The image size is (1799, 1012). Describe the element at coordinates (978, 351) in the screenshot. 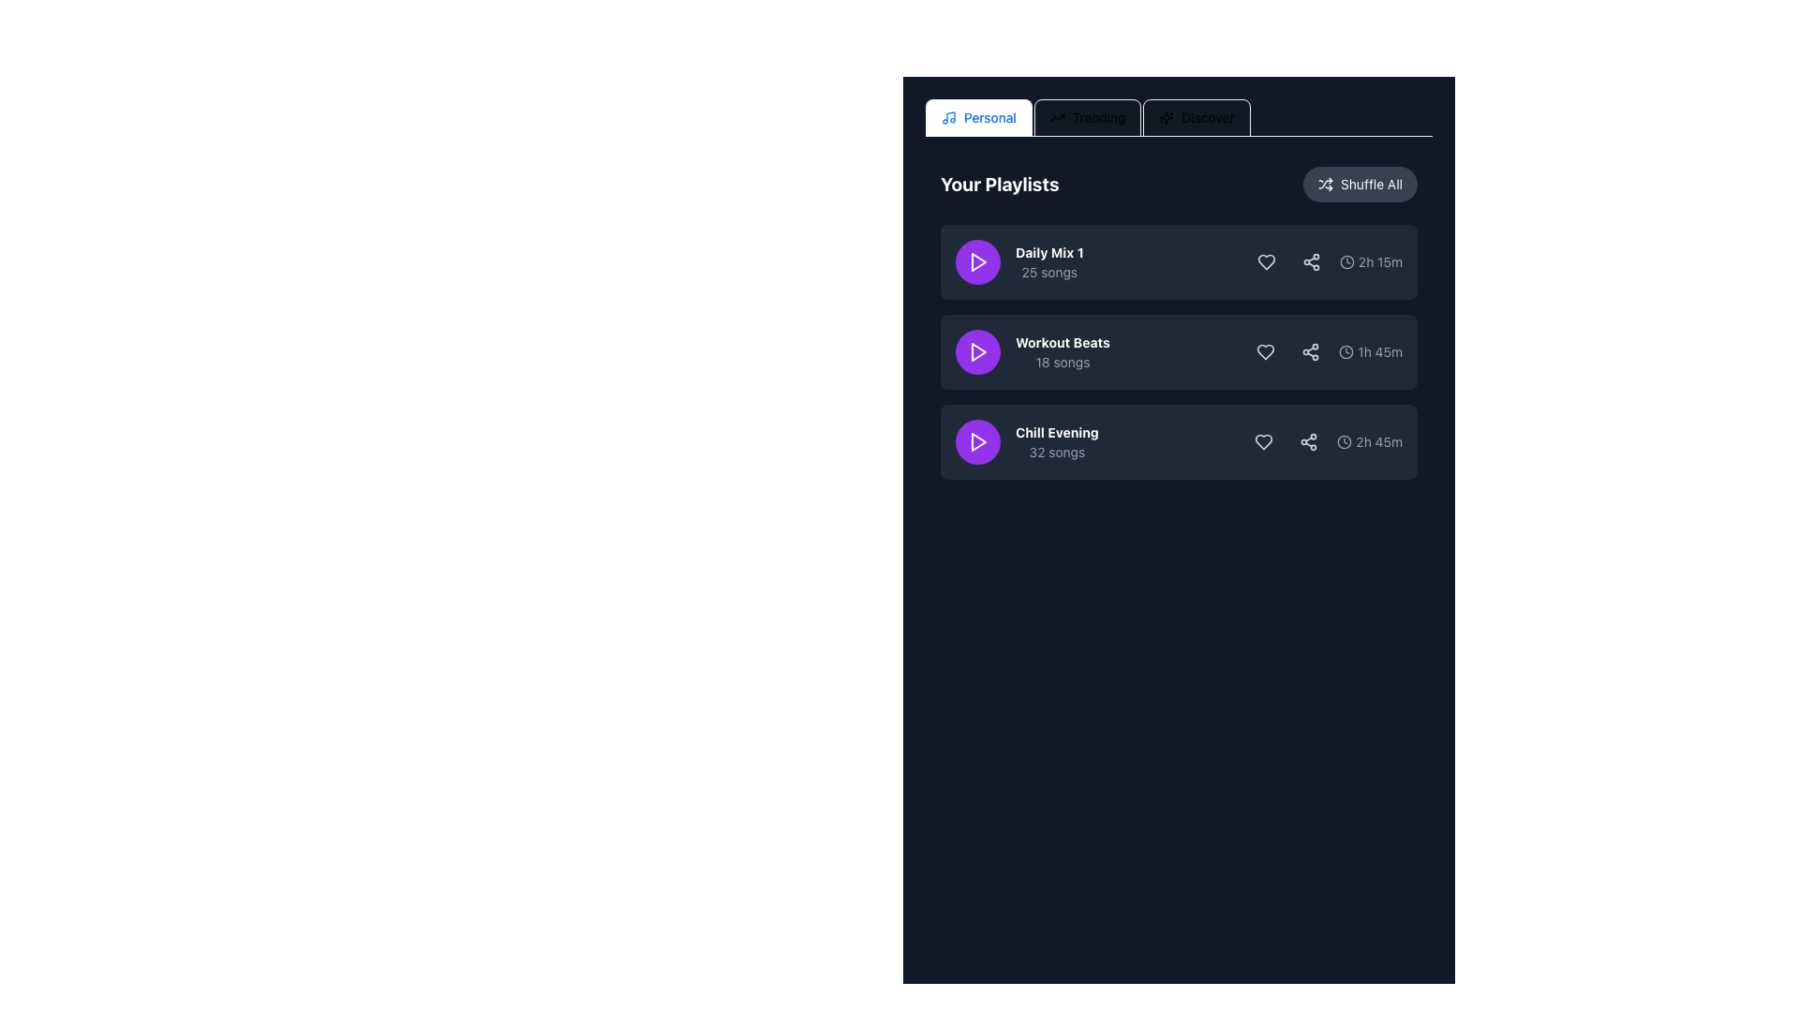

I see `the play button icon for the 'Workout Beats' playlist` at that location.